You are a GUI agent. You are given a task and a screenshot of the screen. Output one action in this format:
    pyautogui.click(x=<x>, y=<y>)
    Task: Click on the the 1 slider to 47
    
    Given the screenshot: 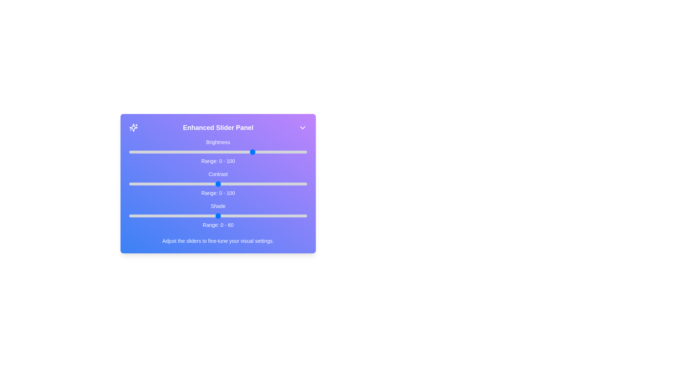 What is the action you would take?
    pyautogui.click(x=212, y=183)
    